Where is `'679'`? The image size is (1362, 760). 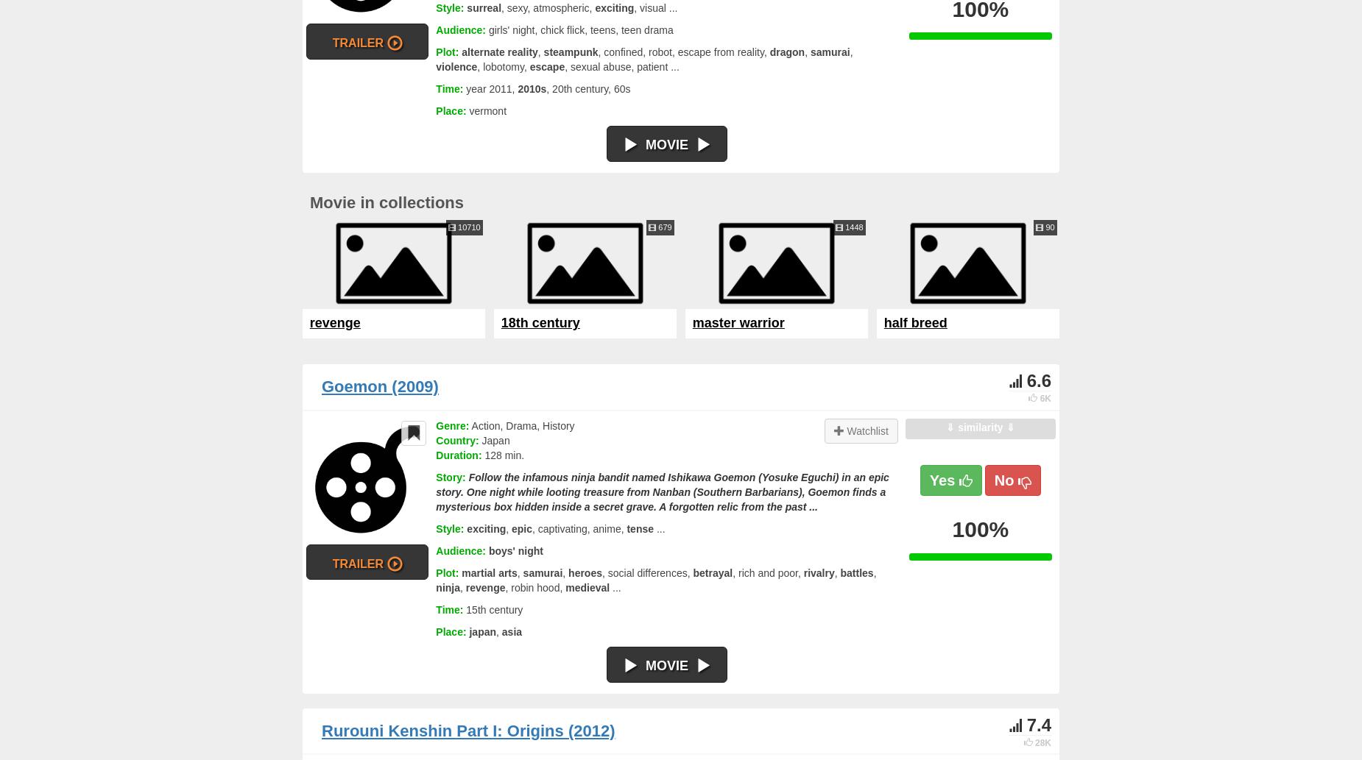
'679' is located at coordinates (663, 226).